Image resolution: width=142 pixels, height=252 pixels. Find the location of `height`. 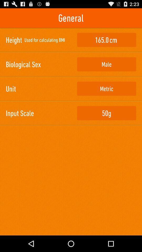

height is located at coordinates (106, 40).